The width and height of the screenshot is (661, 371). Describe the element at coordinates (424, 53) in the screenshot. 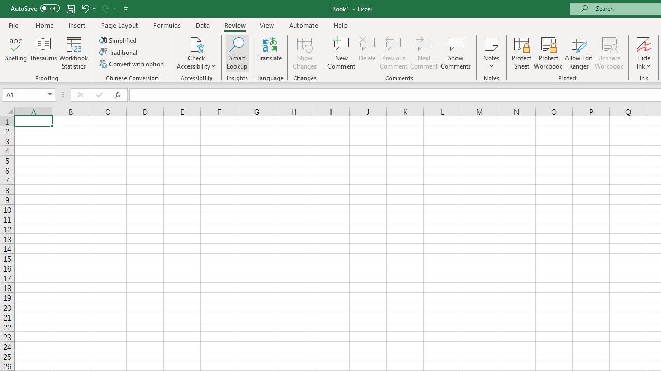

I see `'Next Comment'` at that location.